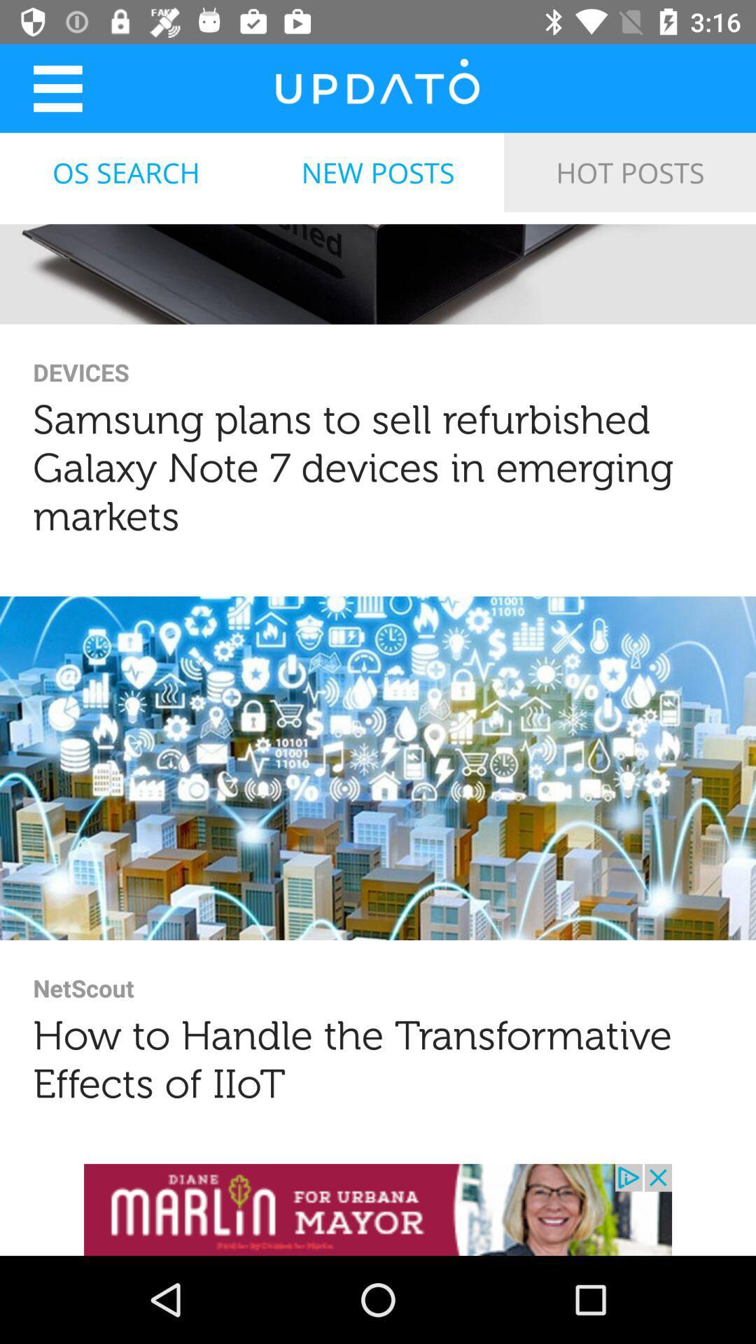  Describe the element at coordinates (377, 87) in the screenshot. I see `homepage` at that location.